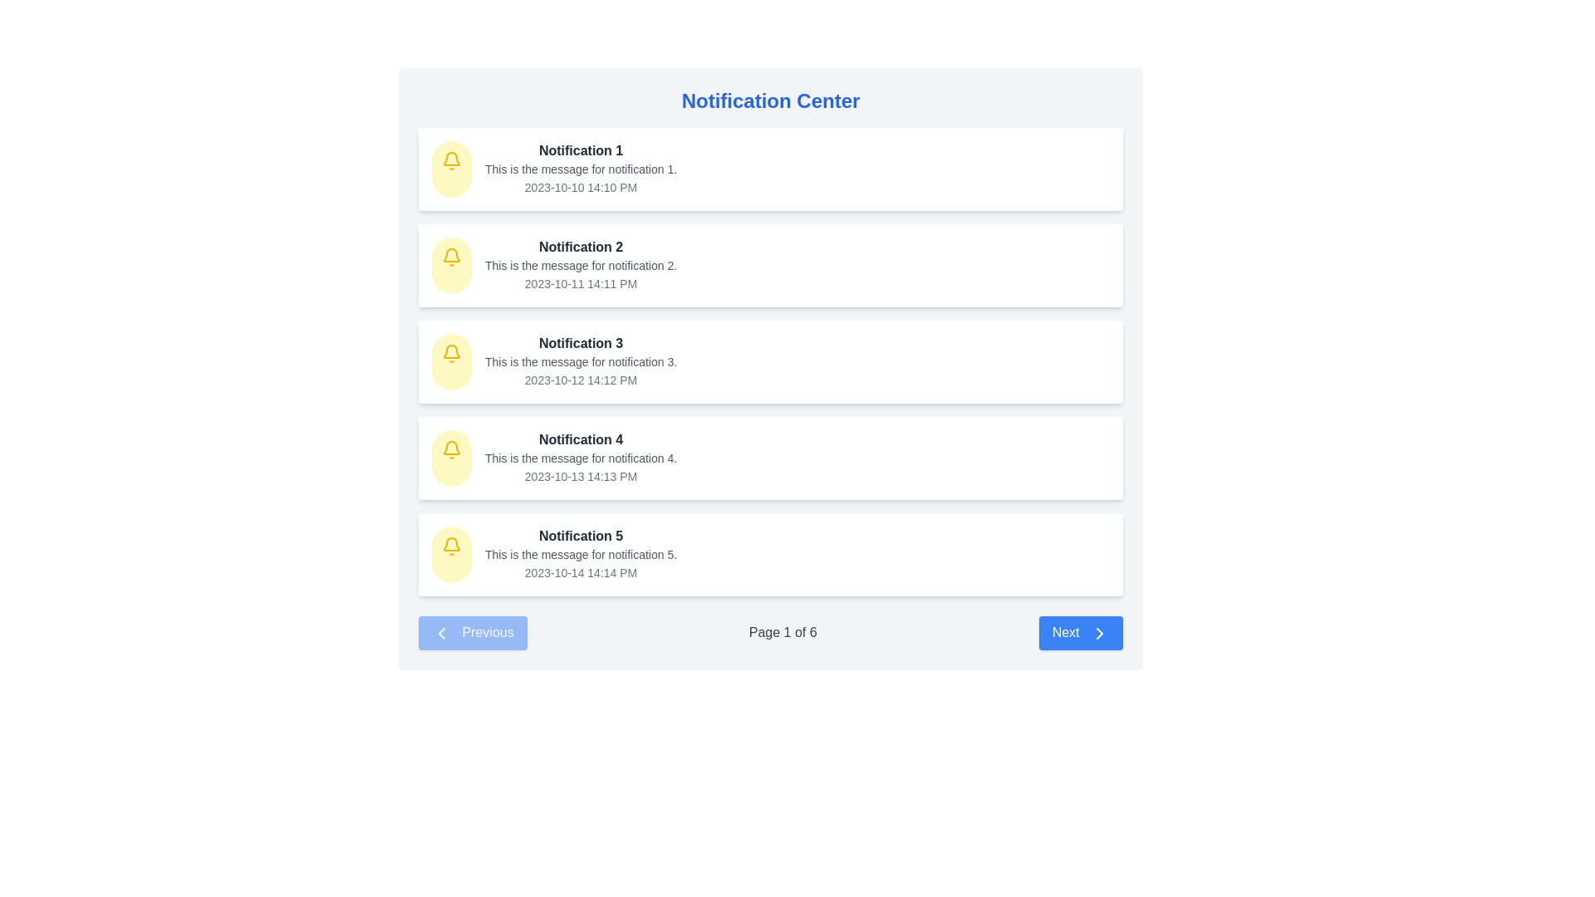 The width and height of the screenshot is (1595, 897). Describe the element at coordinates (581, 265) in the screenshot. I see `the second entry in the vertically stacked list of notifications, which is a static informational block about a specific event or update` at that location.